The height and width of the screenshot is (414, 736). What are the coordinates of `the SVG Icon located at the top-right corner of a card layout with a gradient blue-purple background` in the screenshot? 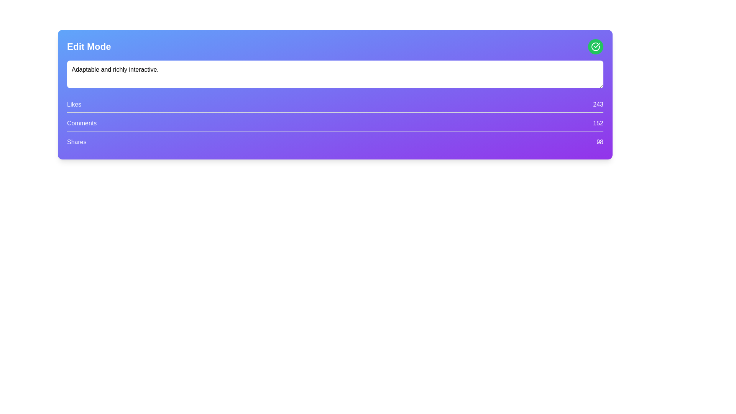 It's located at (595, 47).